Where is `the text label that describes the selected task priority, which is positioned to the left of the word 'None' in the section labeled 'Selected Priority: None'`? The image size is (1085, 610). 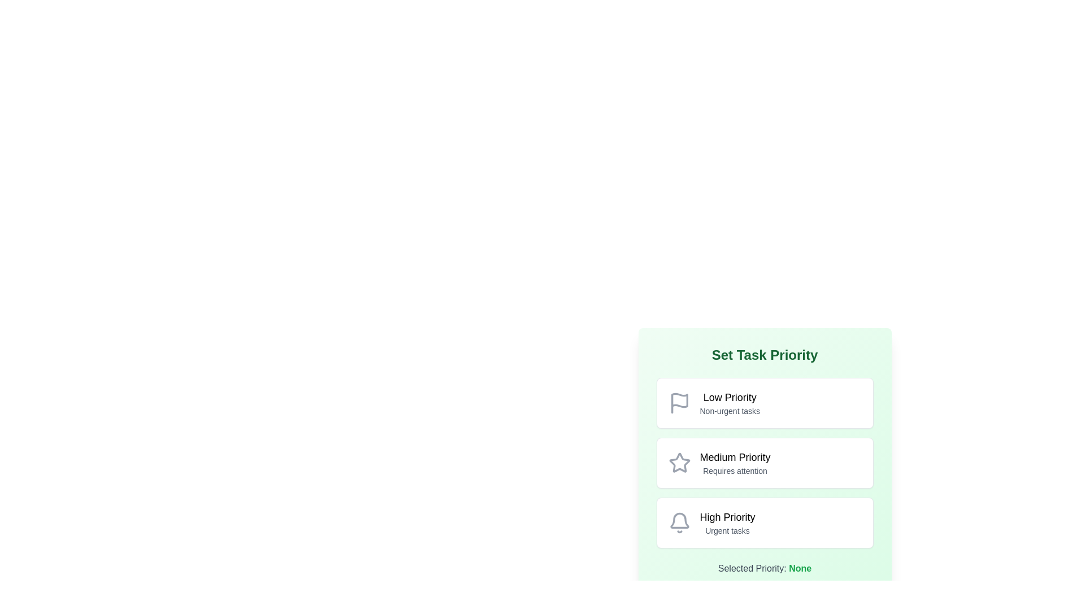
the text label that describes the selected task priority, which is positioned to the left of the word 'None' in the section labeled 'Selected Priority: None' is located at coordinates (752, 568).